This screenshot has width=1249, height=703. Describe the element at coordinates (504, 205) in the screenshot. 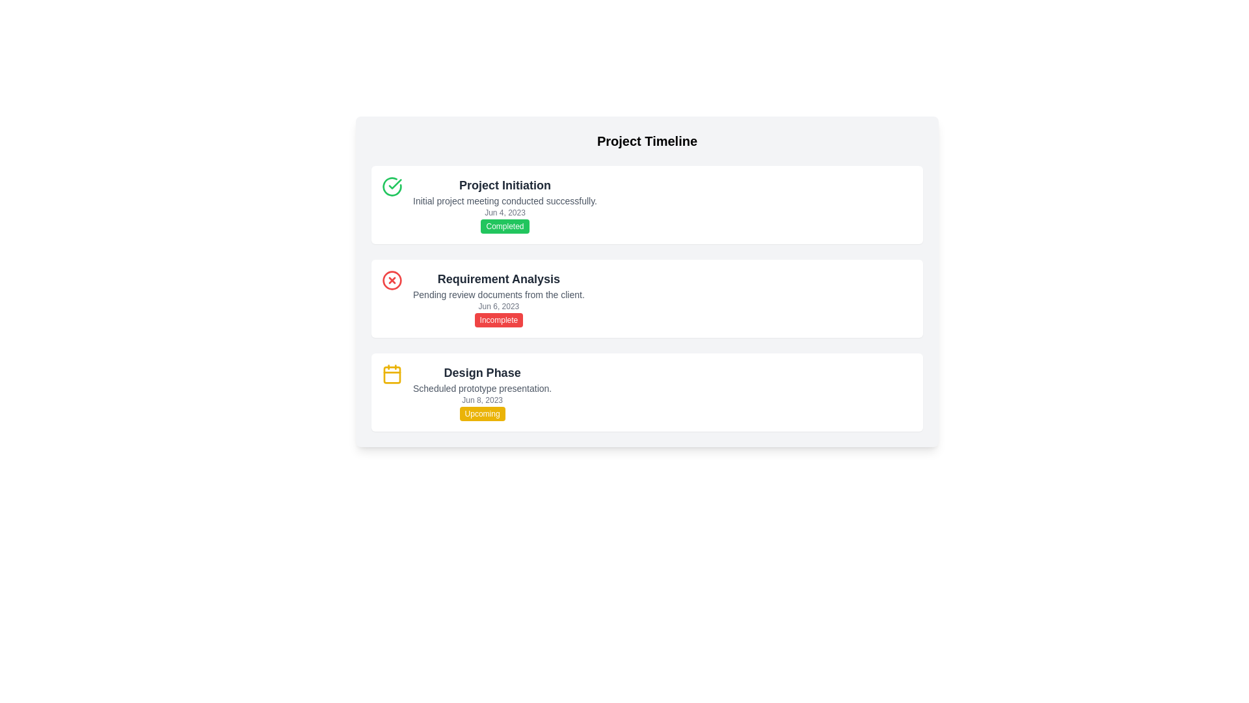

I see `the 'Project Initiation' card in the timeline to access adjacent items for additional context` at that location.